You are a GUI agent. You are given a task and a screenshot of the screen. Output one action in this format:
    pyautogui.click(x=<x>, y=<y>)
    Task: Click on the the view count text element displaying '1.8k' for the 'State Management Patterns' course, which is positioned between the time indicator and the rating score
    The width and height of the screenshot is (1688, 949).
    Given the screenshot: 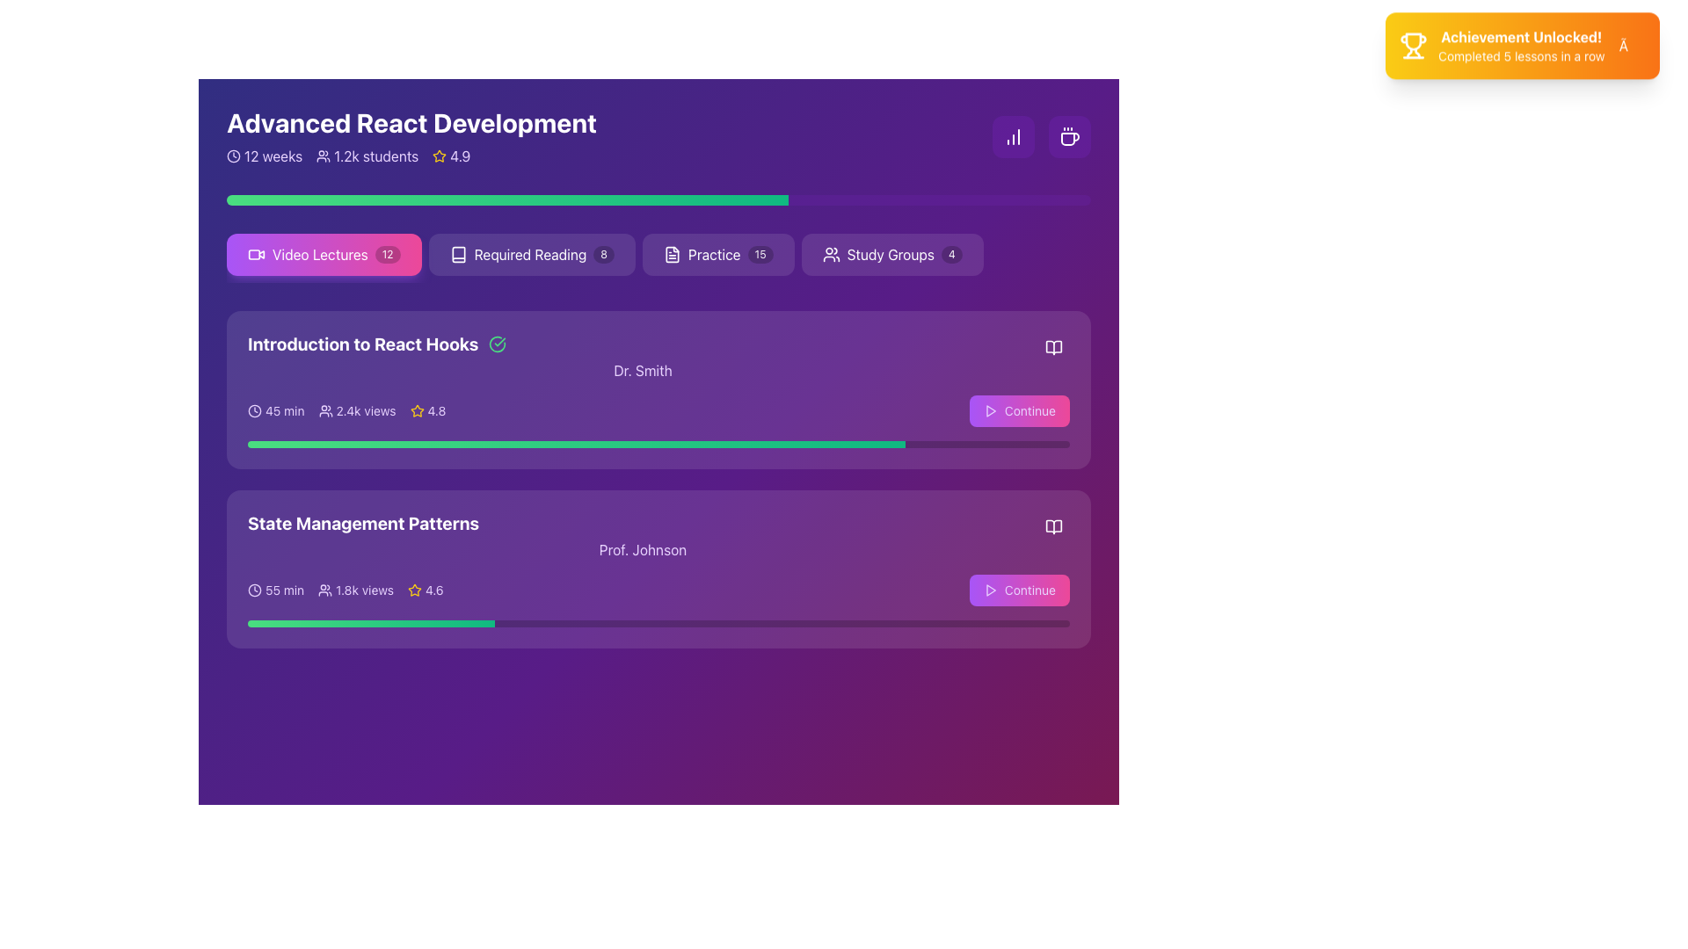 What is the action you would take?
    pyautogui.click(x=355, y=590)
    